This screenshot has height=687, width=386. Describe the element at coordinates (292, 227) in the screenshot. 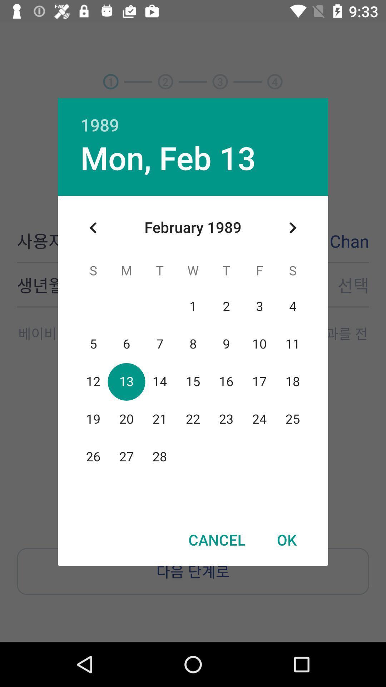

I see `the item above the ok item` at that location.